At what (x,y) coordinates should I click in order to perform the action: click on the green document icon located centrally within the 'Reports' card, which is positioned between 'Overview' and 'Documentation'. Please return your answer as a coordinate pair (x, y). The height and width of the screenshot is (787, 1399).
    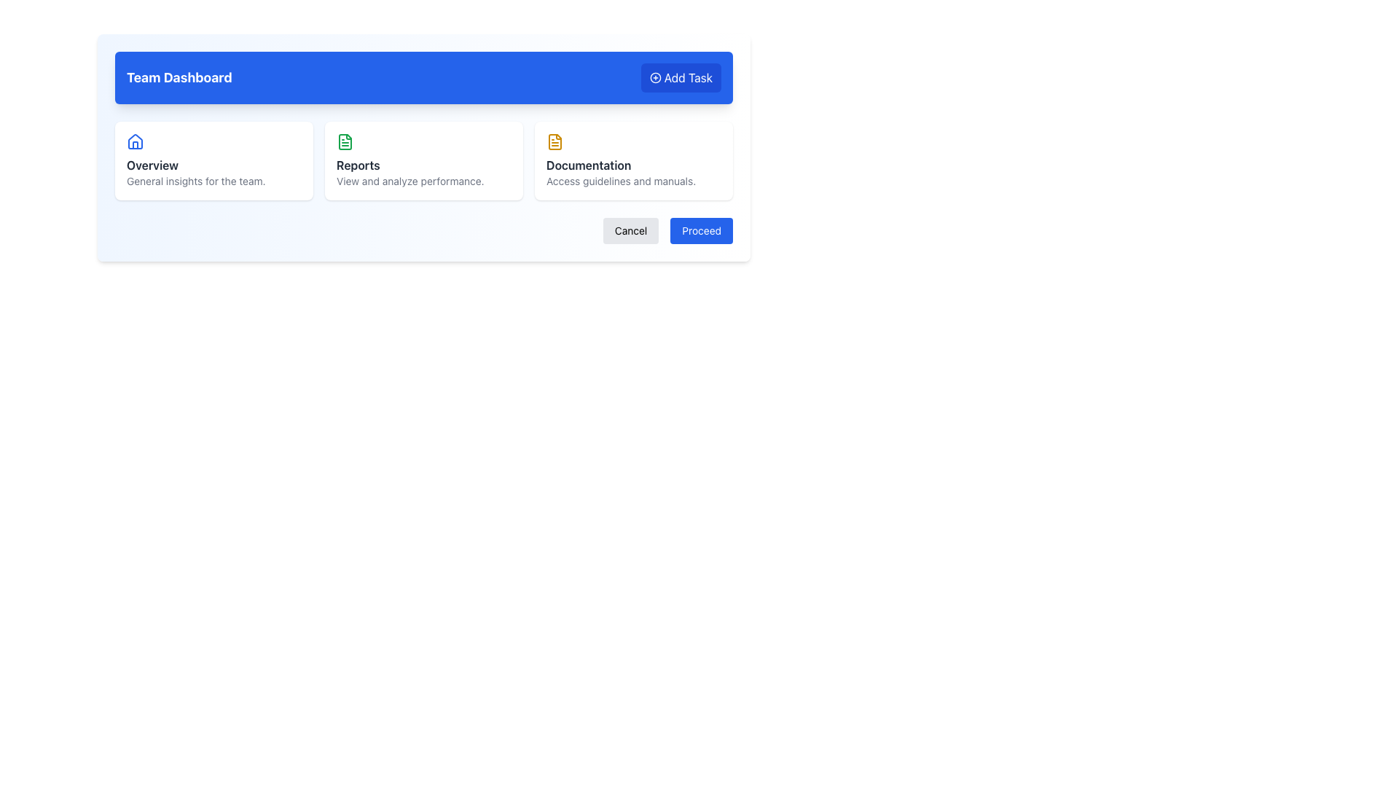
    Looking at the image, I should click on (345, 142).